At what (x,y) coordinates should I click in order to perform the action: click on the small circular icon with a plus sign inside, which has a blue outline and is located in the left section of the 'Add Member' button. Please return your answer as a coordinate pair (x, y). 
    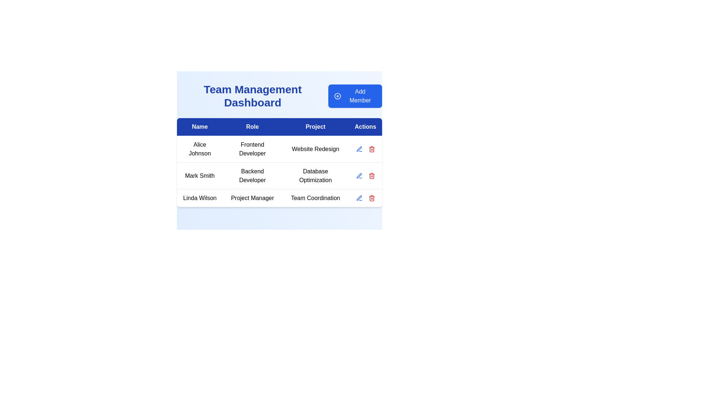
    Looking at the image, I should click on (337, 95).